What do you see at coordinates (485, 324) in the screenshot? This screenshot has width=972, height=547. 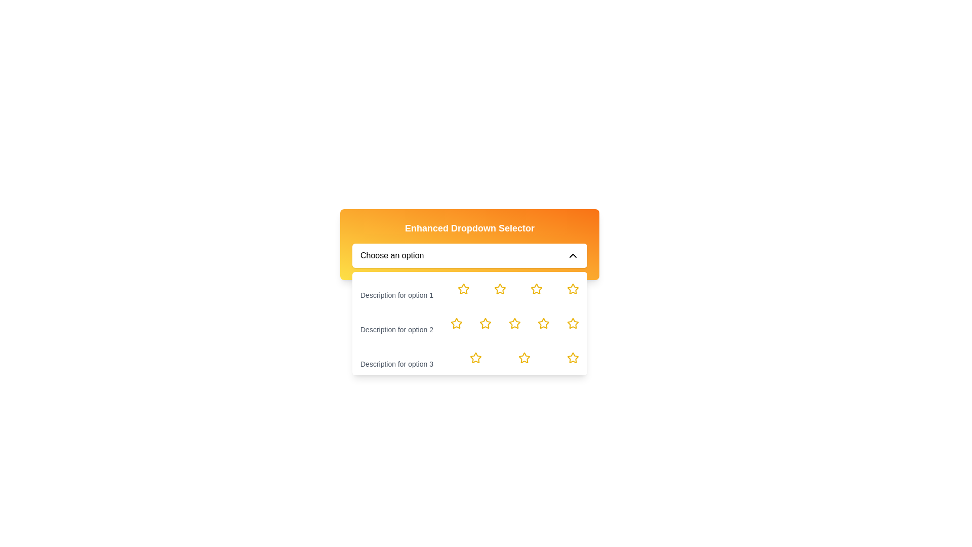 I see `the third star icon in the row associated with 'Option 2' in the dropdown list` at bounding box center [485, 324].